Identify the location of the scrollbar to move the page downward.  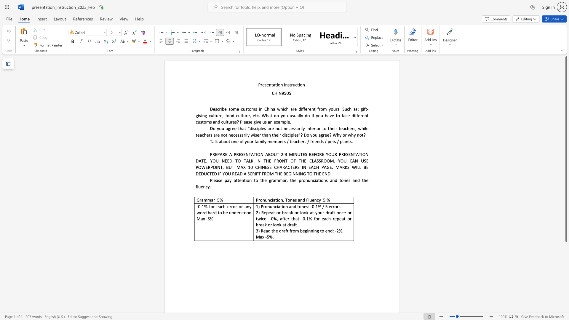
(566, 311).